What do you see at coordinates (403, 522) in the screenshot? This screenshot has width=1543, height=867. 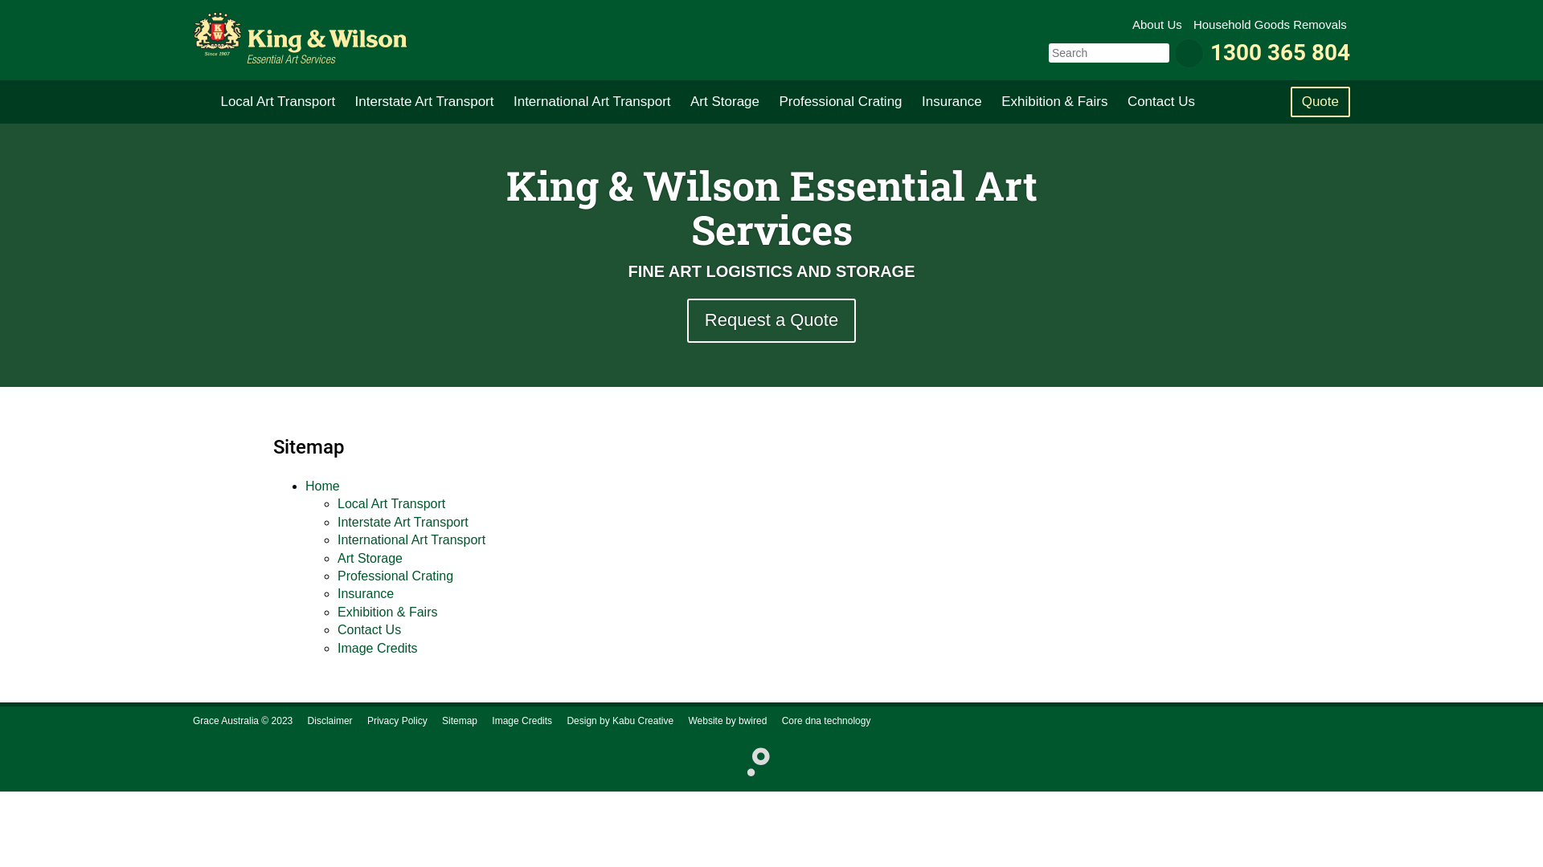 I see `'Interstate Art Transport'` at bounding box center [403, 522].